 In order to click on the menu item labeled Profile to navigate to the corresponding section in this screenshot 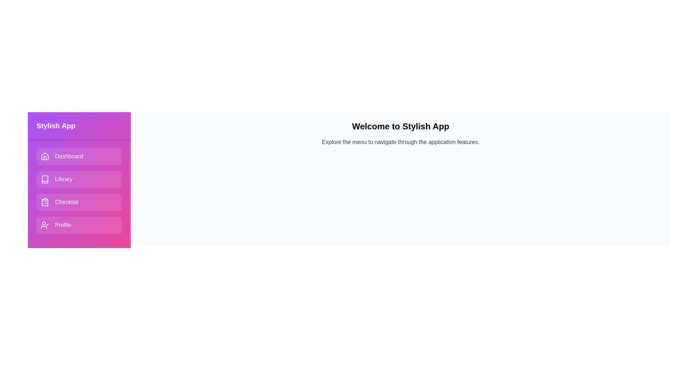, I will do `click(79, 224)`.